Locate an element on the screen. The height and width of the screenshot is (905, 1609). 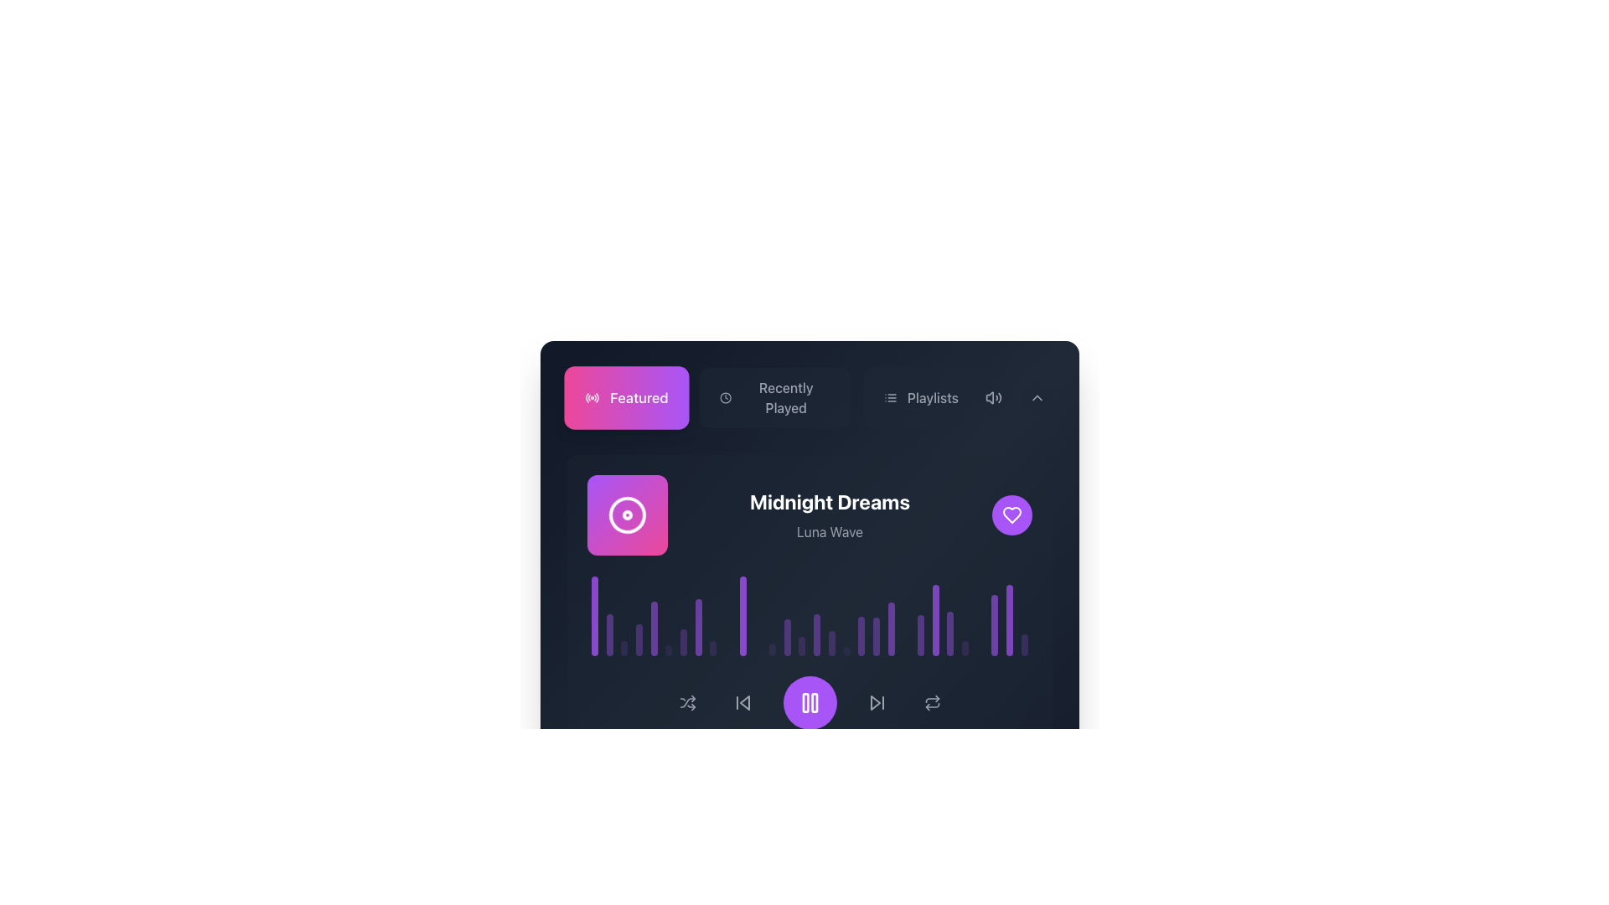
the chevron-shaped icon within the circular button located at the top-right corner of the interface is located at coordinates (1037, 397).